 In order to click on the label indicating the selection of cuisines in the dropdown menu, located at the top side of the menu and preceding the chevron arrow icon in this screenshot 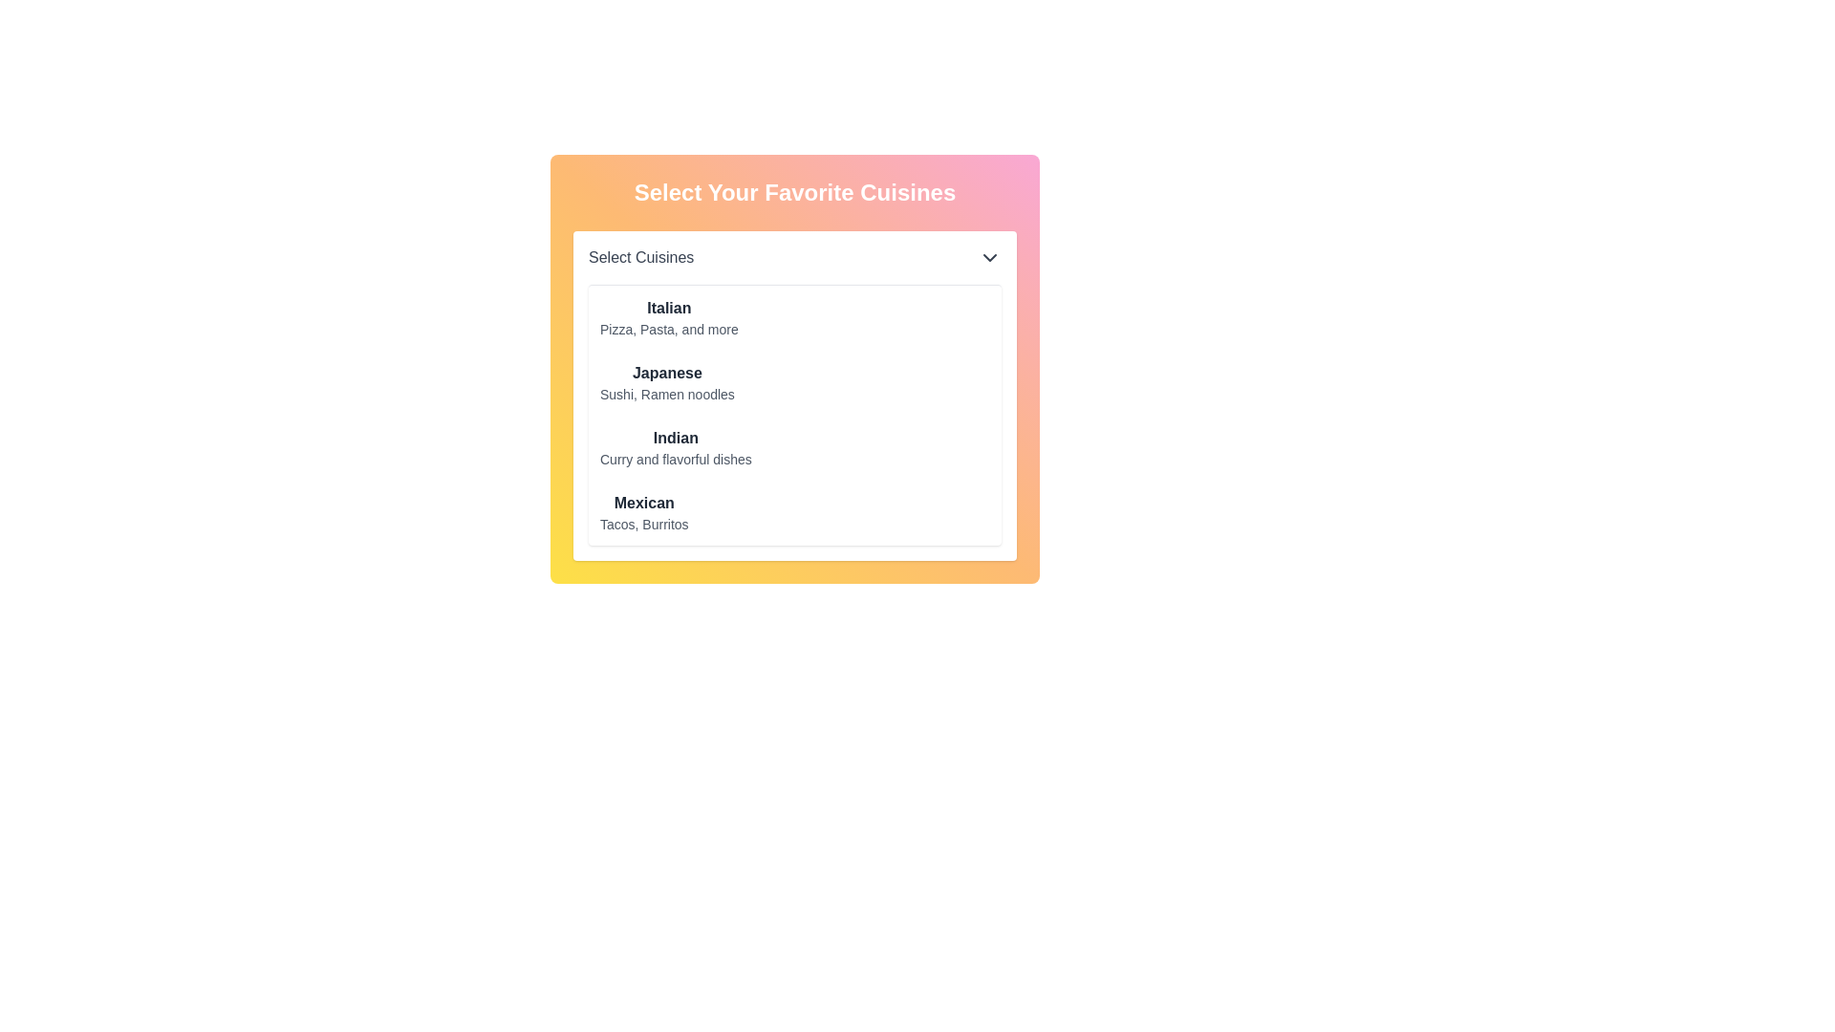, I will do `click(641, 258)`.